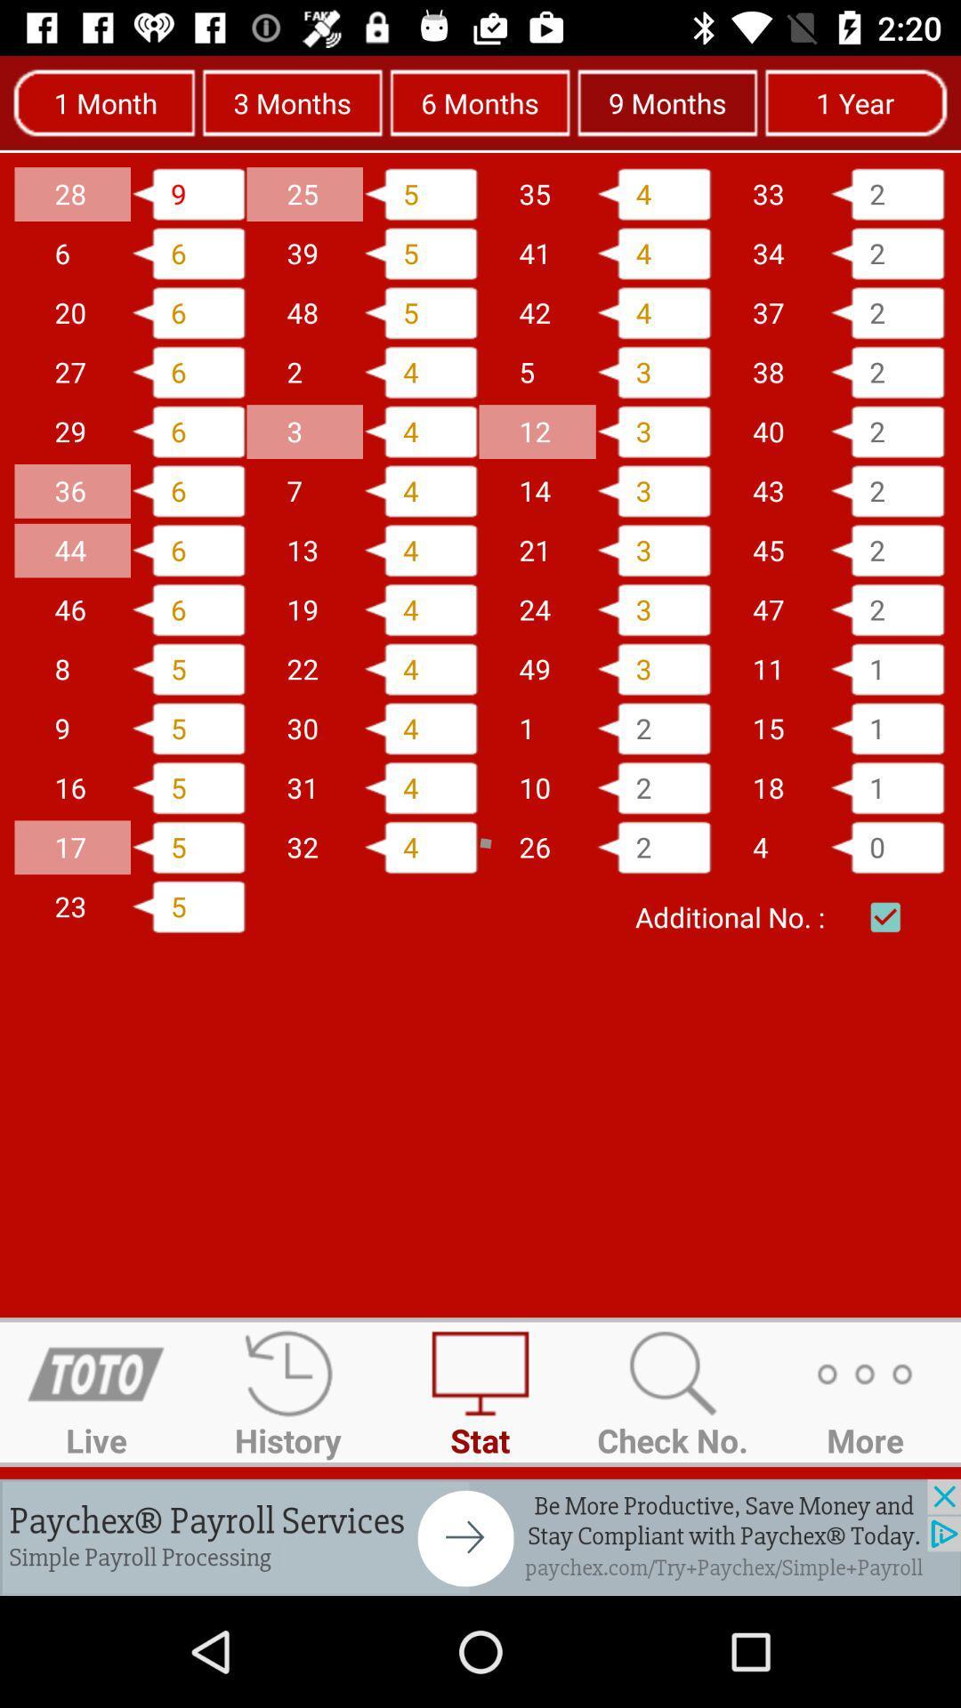  I want to click on option, so click(885, 917).